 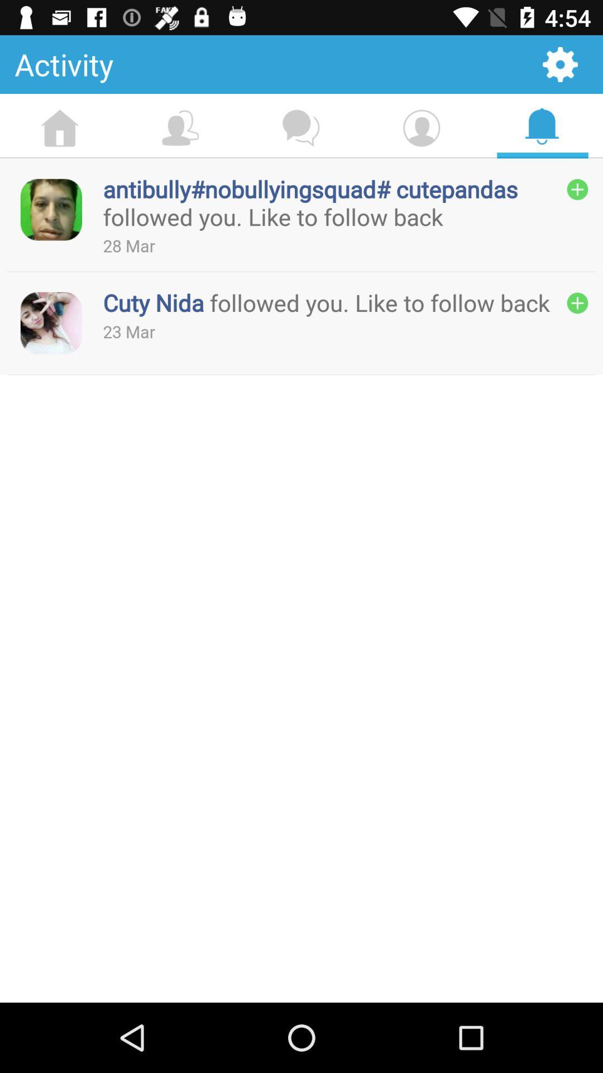 I want to click on icon to the right of the activity item, so click(x=560, y=64).